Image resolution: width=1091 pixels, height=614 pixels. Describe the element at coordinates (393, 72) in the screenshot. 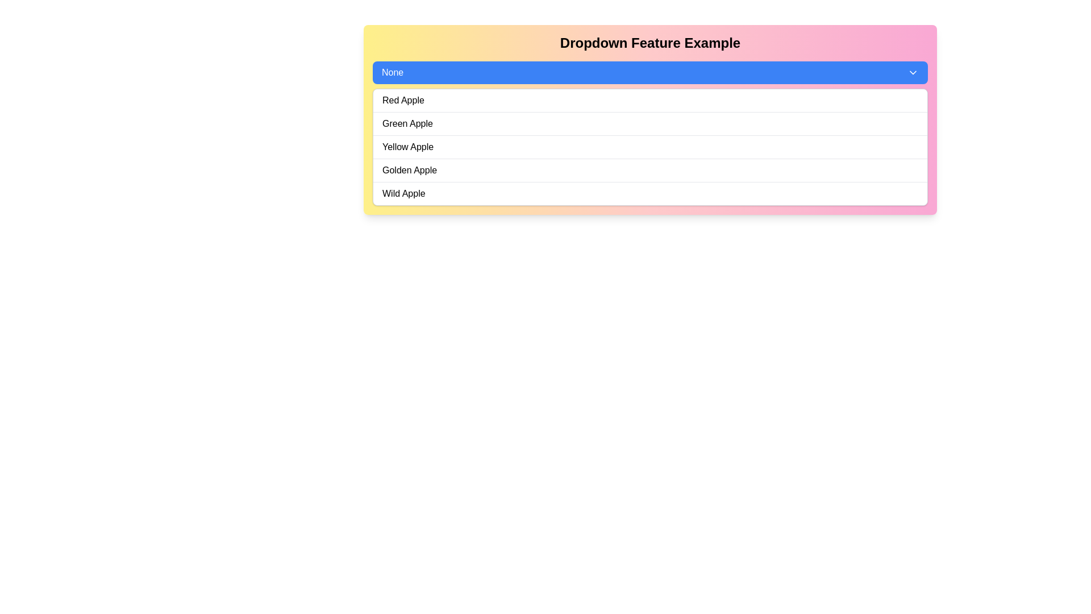

I see `the Display text element that shows the currently selected option in the dropdown menu` at that location.